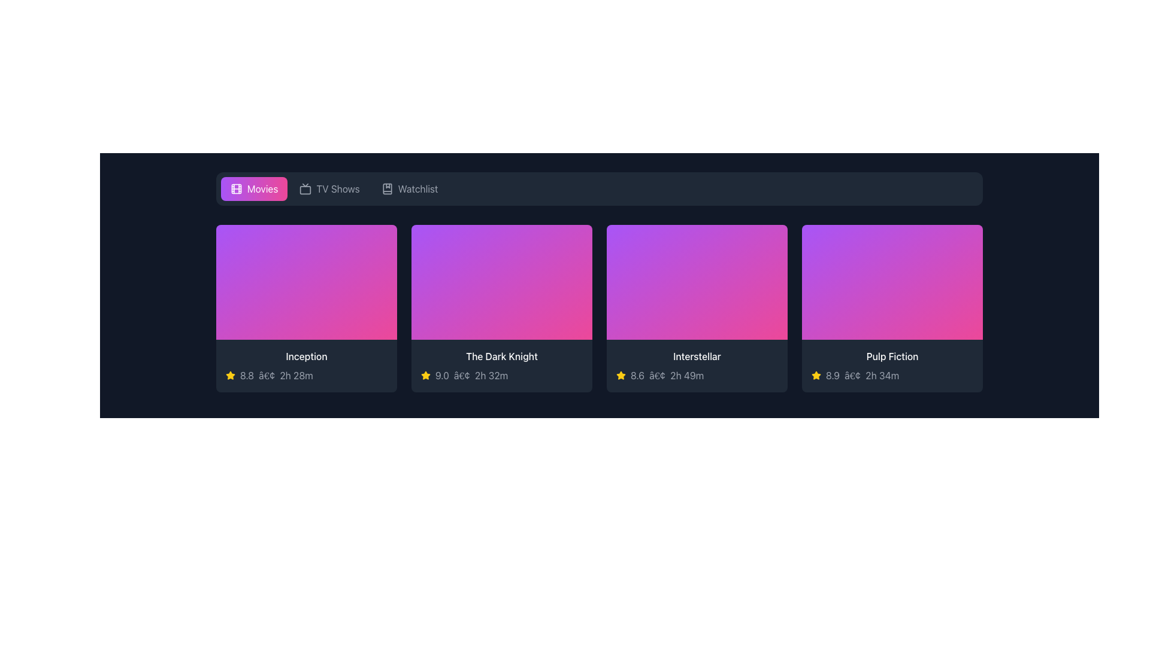 The image size is (1150, 646). I want to click on the rating score text label for the movie 'Pulp Fiction', located below the title in the fourth card of the horizontal list, positioned to the right of the yellow star icon, so click(832, 375).